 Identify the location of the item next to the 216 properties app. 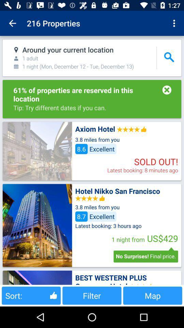
(12, 23).